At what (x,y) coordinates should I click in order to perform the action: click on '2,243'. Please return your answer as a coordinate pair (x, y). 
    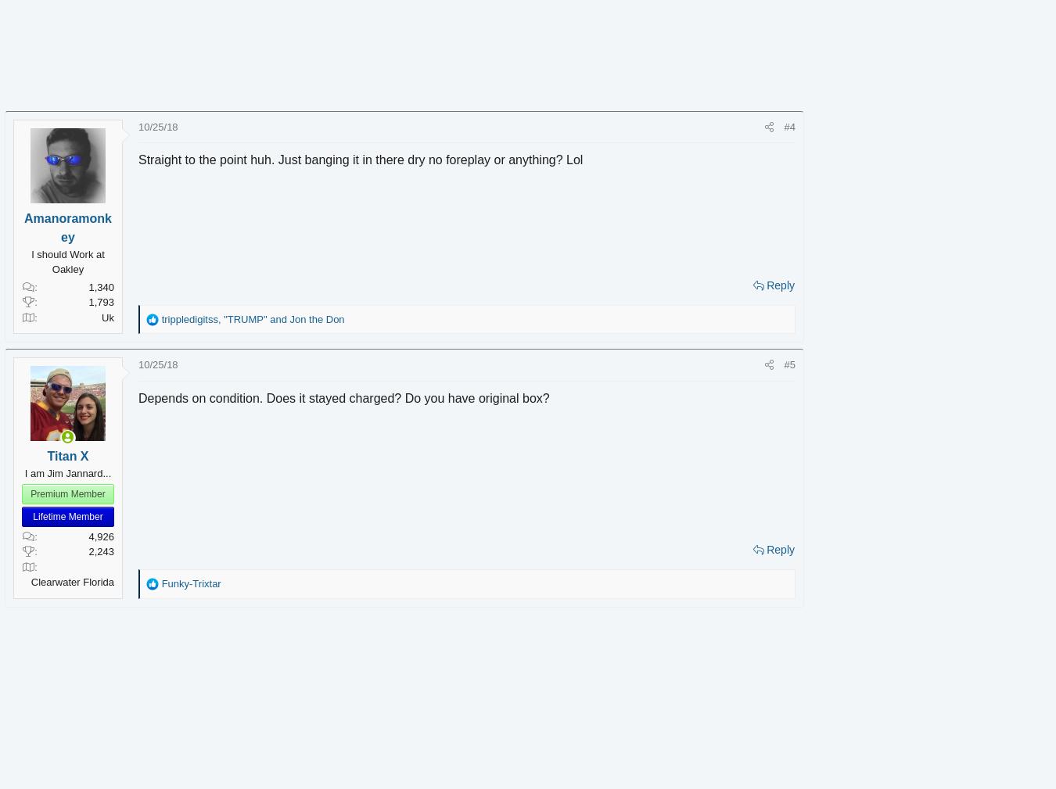
    Looking at the image, I should click on (124, 551).